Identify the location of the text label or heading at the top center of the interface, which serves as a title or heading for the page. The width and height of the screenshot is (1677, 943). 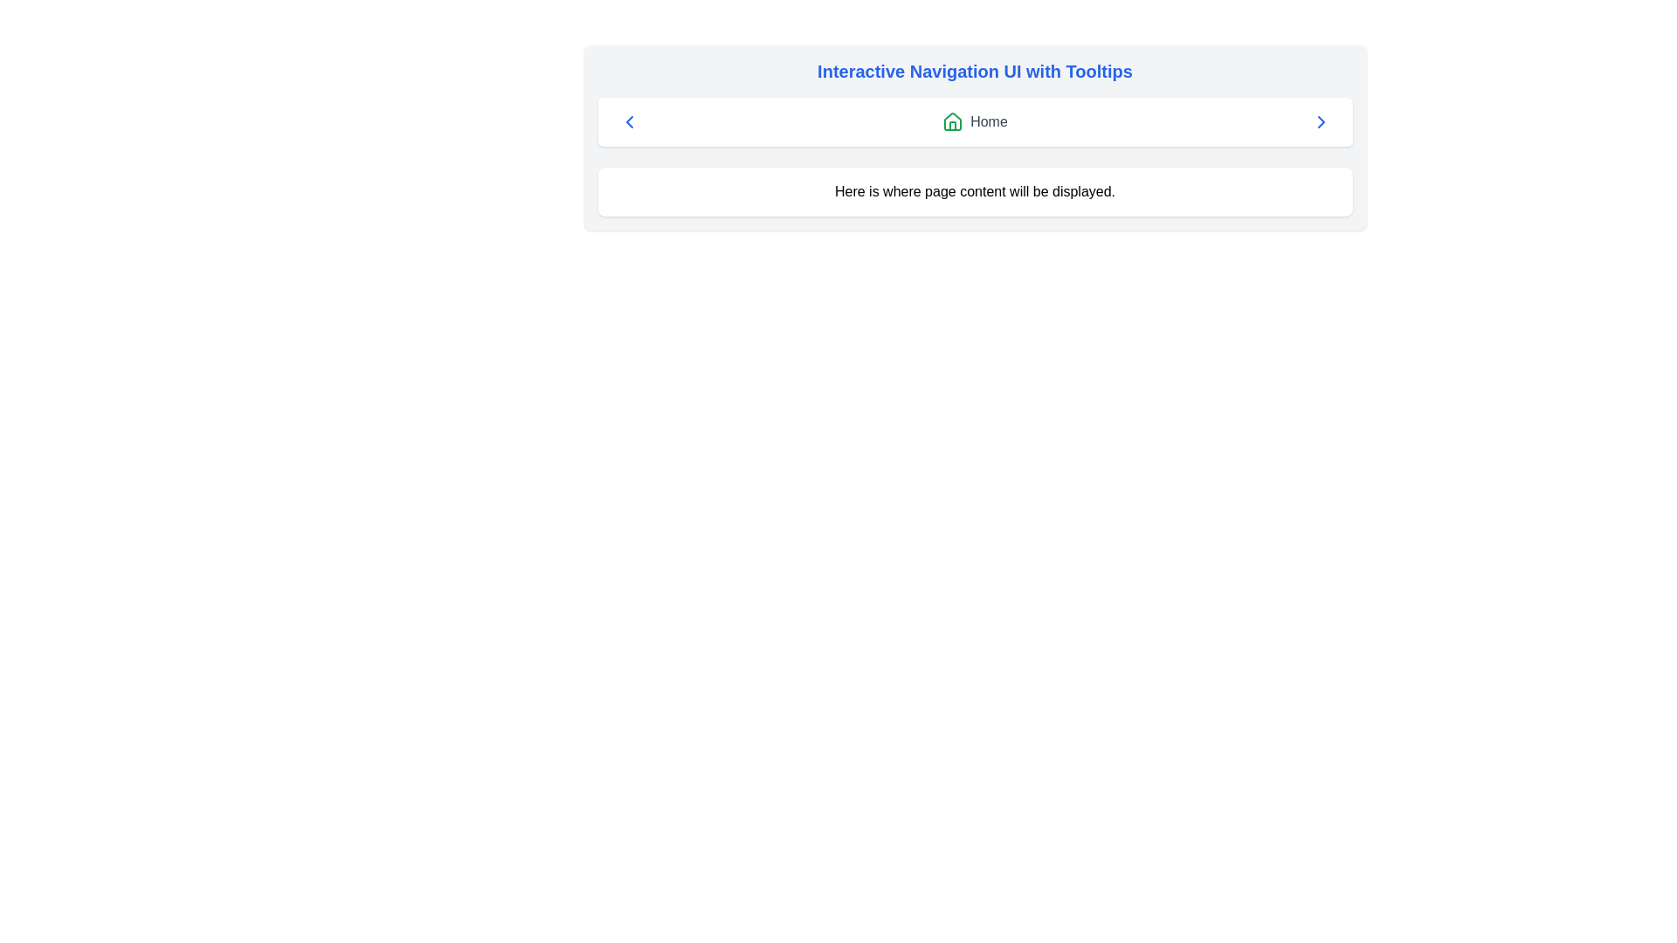
(974, 70).